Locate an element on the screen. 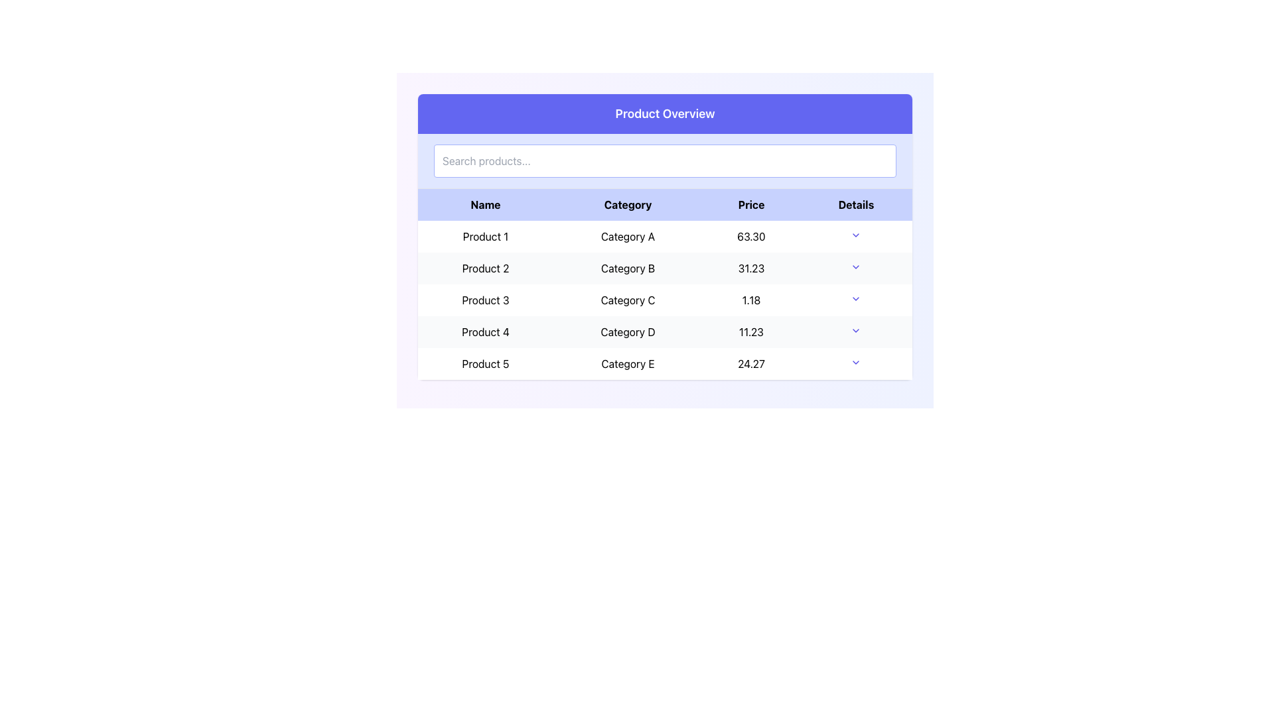 The image size is (1274, 716). the non-interactive text label in the 'Category' column of the second row of the table that provides categorical information for the respective product, situated between 'Product 2' and the price '31.23' is located at coordinates (627, 268).